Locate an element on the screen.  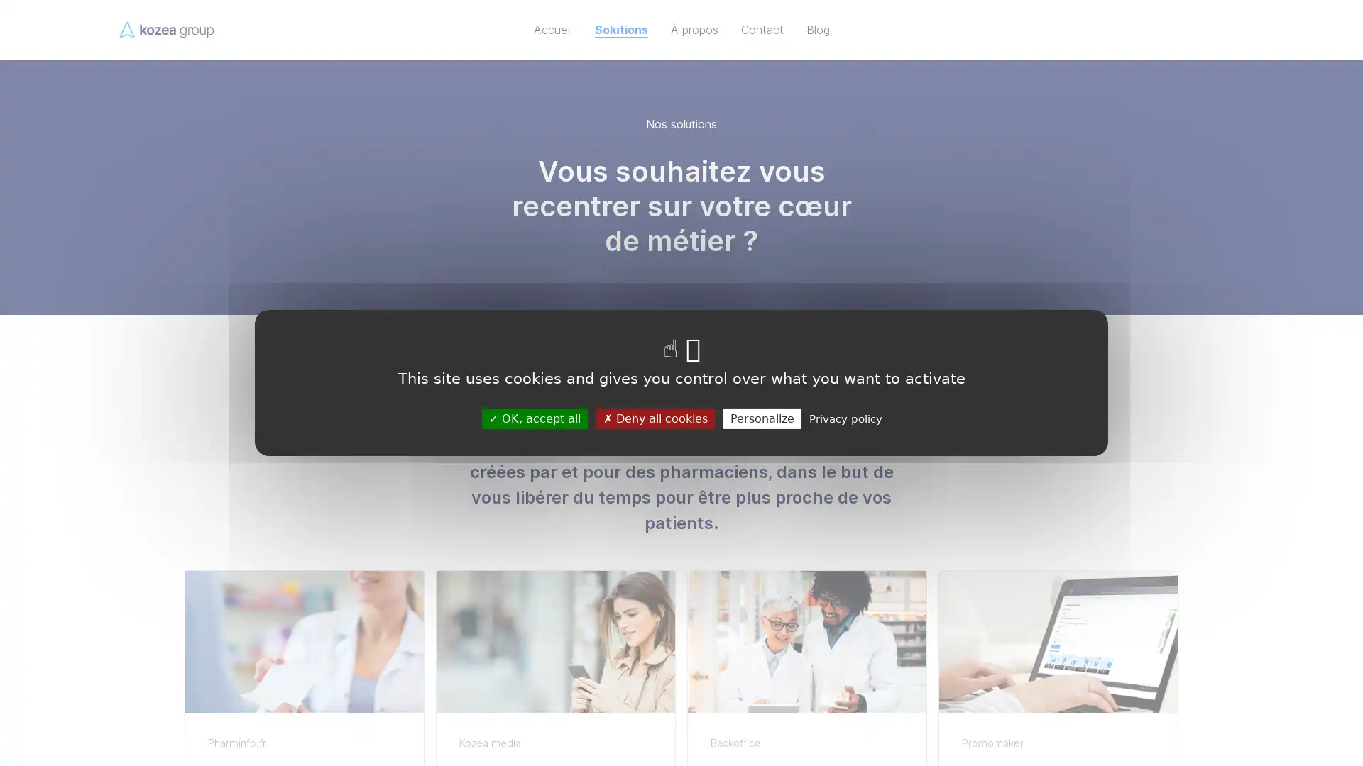
OK, accept all is located at coordinates (533, 418).